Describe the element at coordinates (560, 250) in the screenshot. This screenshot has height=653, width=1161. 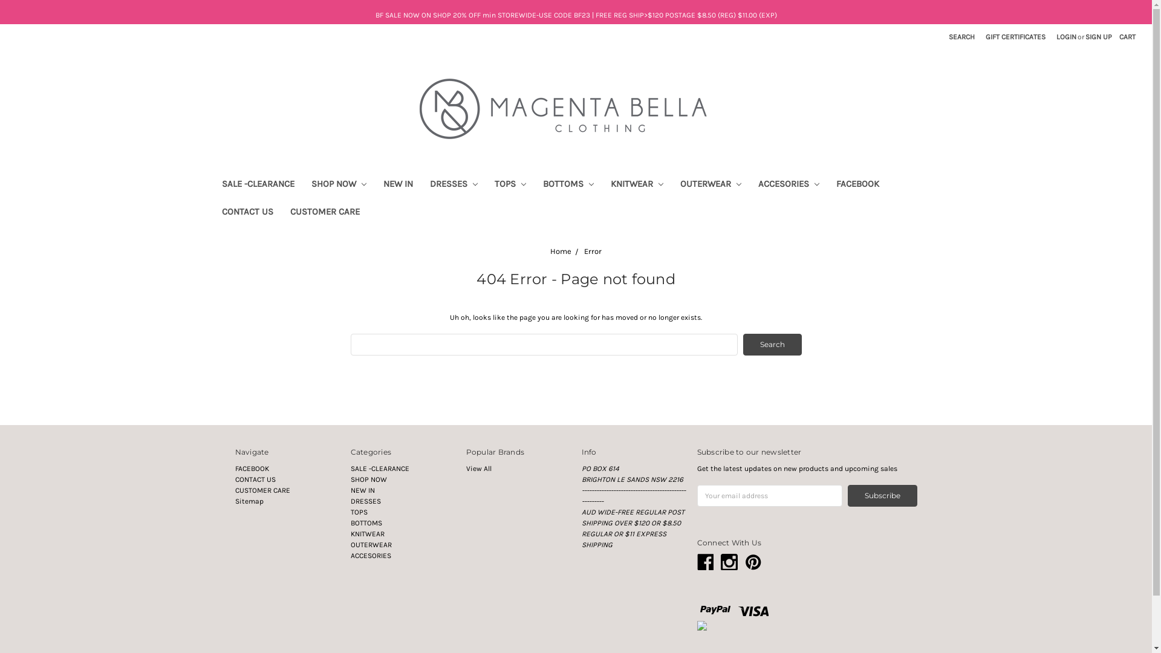
I see `'Home'` at that location.